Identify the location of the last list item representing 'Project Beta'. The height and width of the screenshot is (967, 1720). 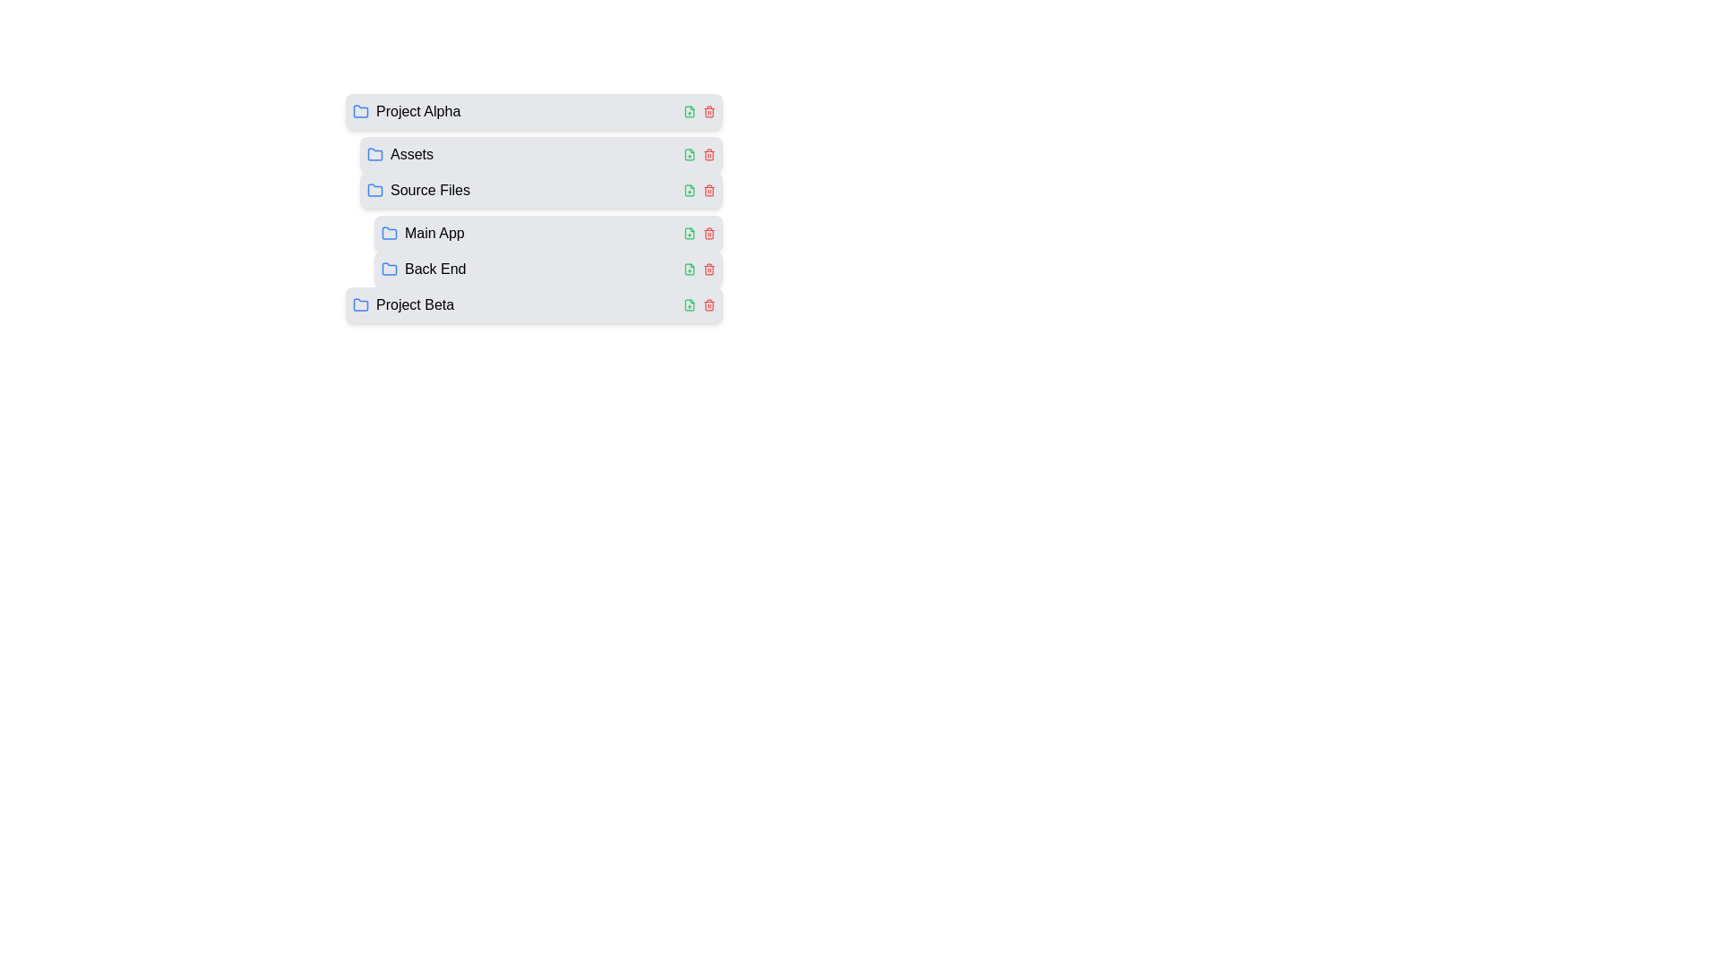
(526, 304).